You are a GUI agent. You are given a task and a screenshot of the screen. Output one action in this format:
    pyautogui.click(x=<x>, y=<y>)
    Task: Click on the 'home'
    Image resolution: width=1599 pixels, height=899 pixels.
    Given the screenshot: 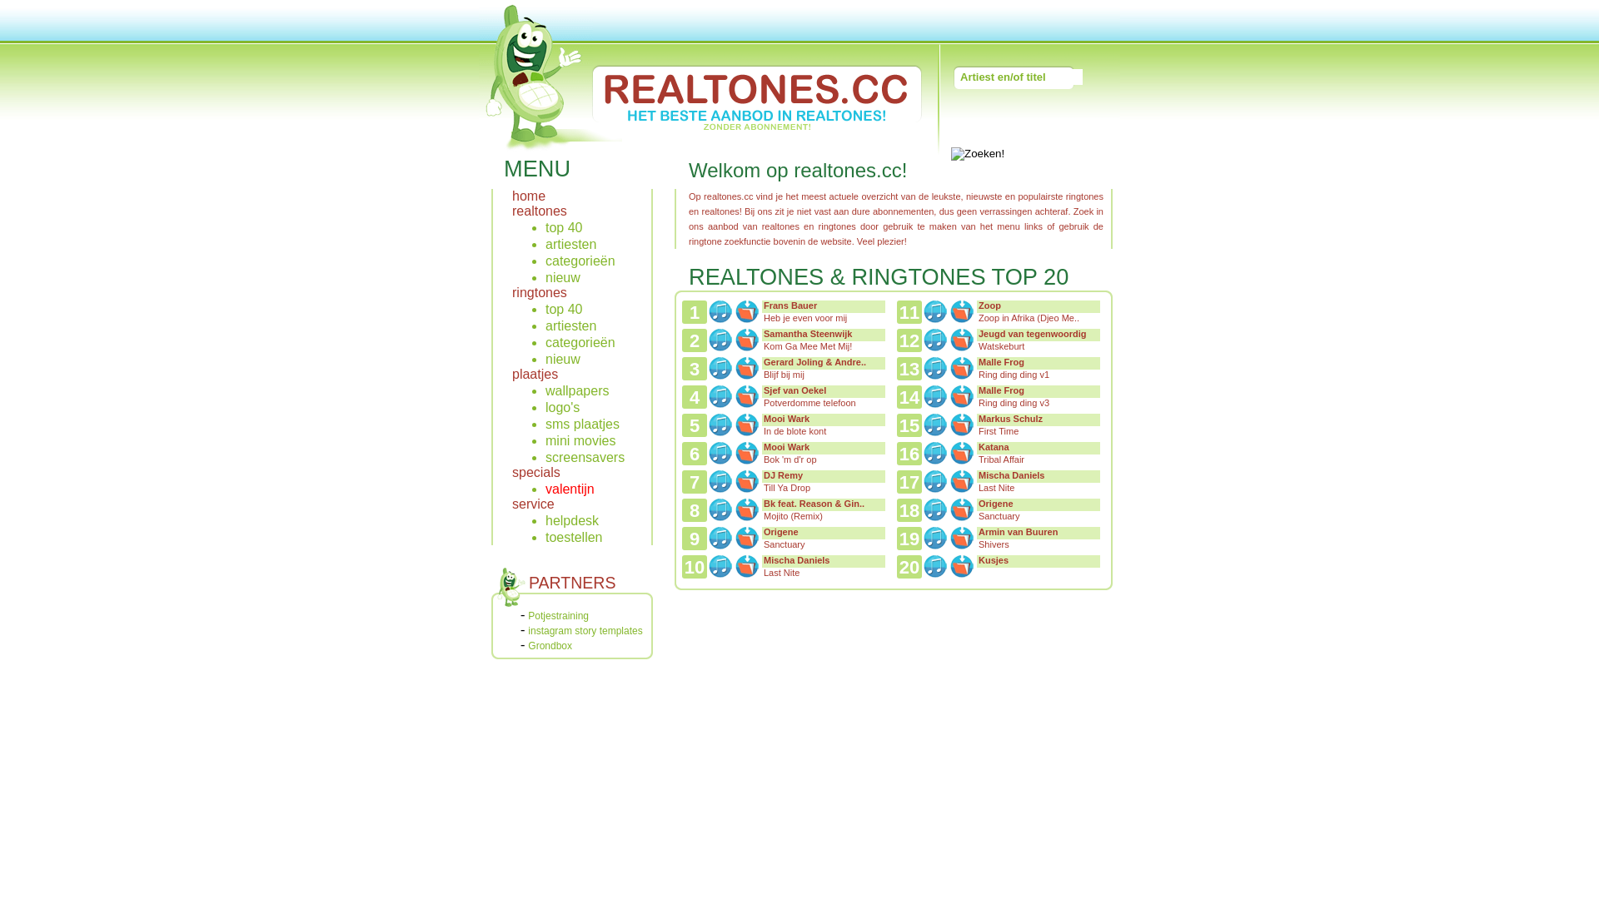 What is the action you would take?
    pyautogui.click(x=511, y=195)
    